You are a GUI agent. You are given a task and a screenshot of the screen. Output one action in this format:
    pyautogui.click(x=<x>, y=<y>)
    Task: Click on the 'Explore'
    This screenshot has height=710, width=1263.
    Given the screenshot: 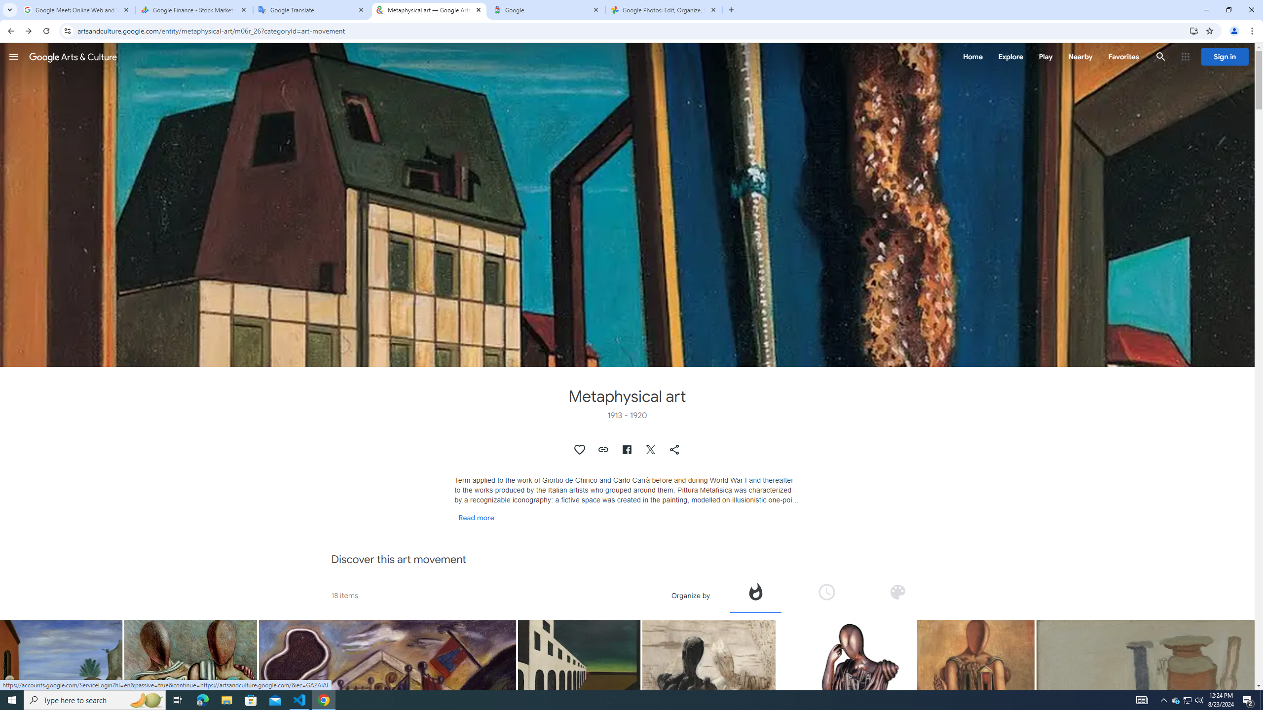 What is the action you would take?
    pyautogui.click(x=1010, y=56)
    